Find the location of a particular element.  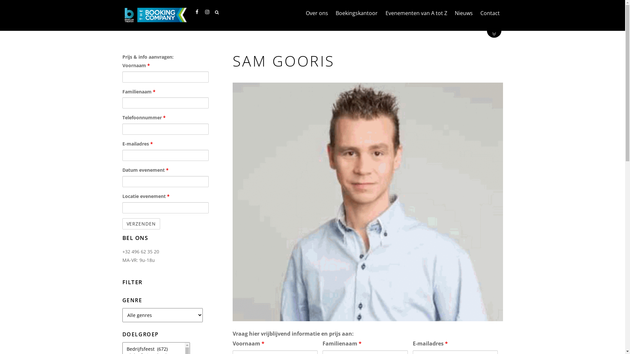

'Contact' is located at coordinates (490, 13).